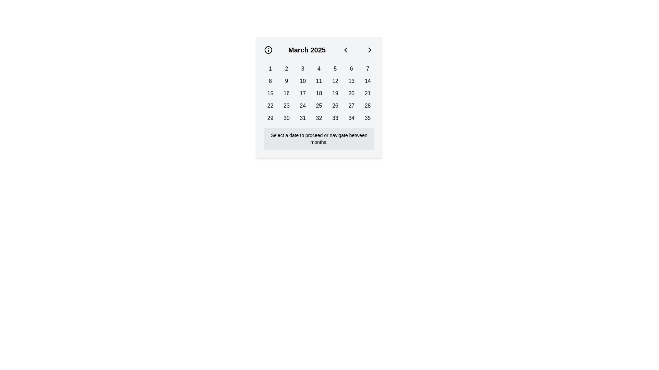  I want to click on the button labeled '10' styled with 'btn btn-day' in the second row and third column of the calendar grid, so click(302, 81).